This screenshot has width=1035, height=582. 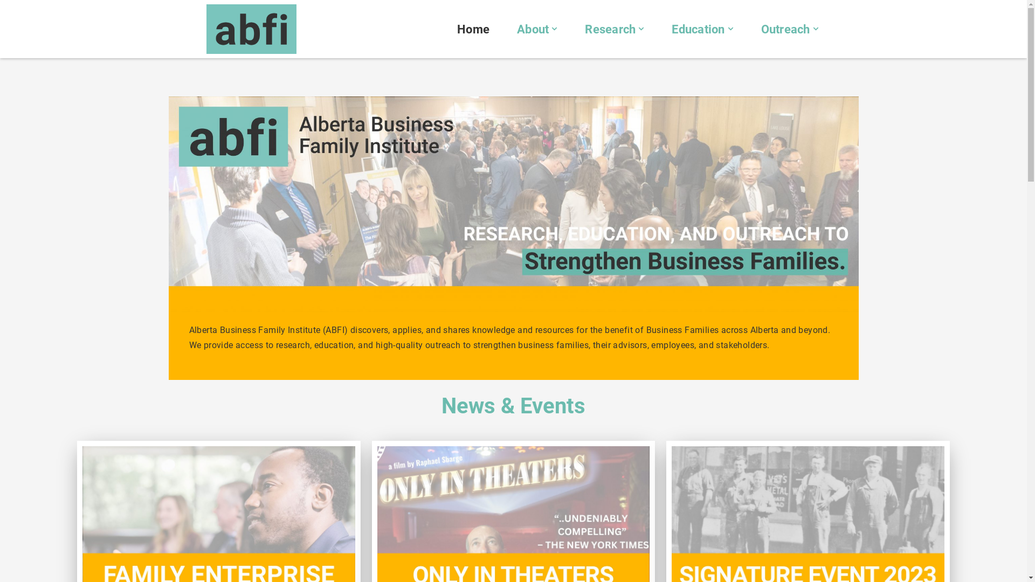 I want to click on 'Education', so click(x=698, y=29).